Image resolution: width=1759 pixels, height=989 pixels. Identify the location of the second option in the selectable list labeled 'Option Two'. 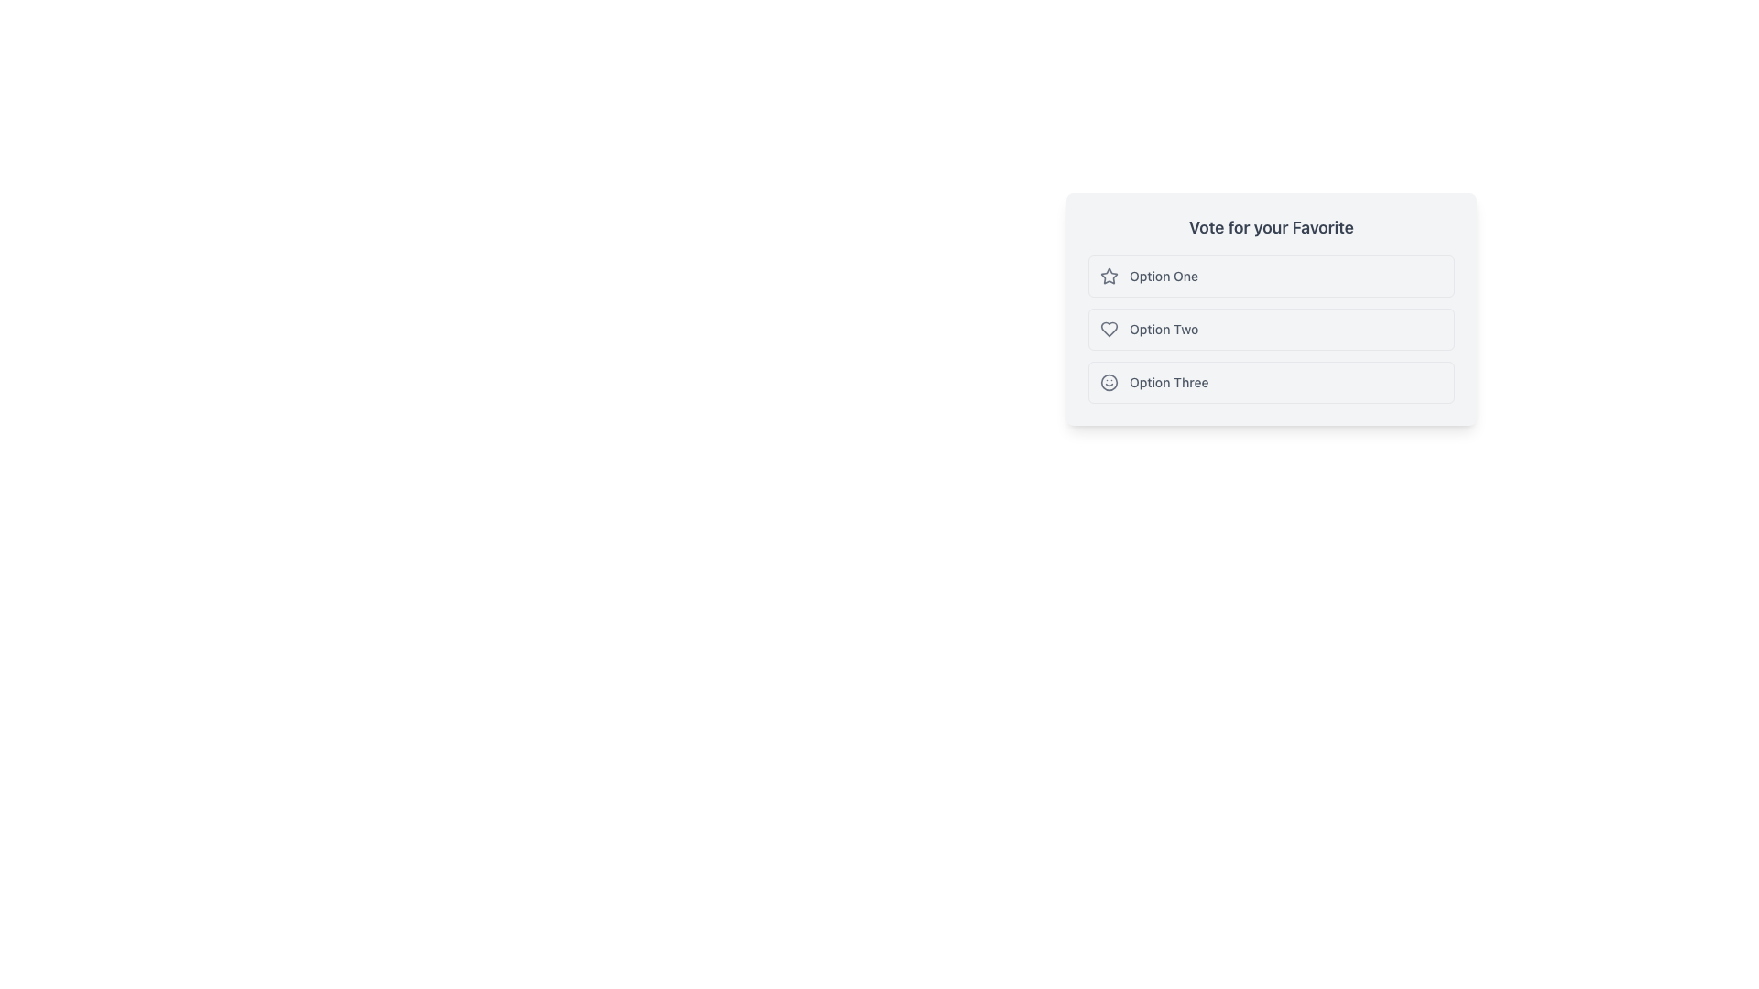
(1270, 328).